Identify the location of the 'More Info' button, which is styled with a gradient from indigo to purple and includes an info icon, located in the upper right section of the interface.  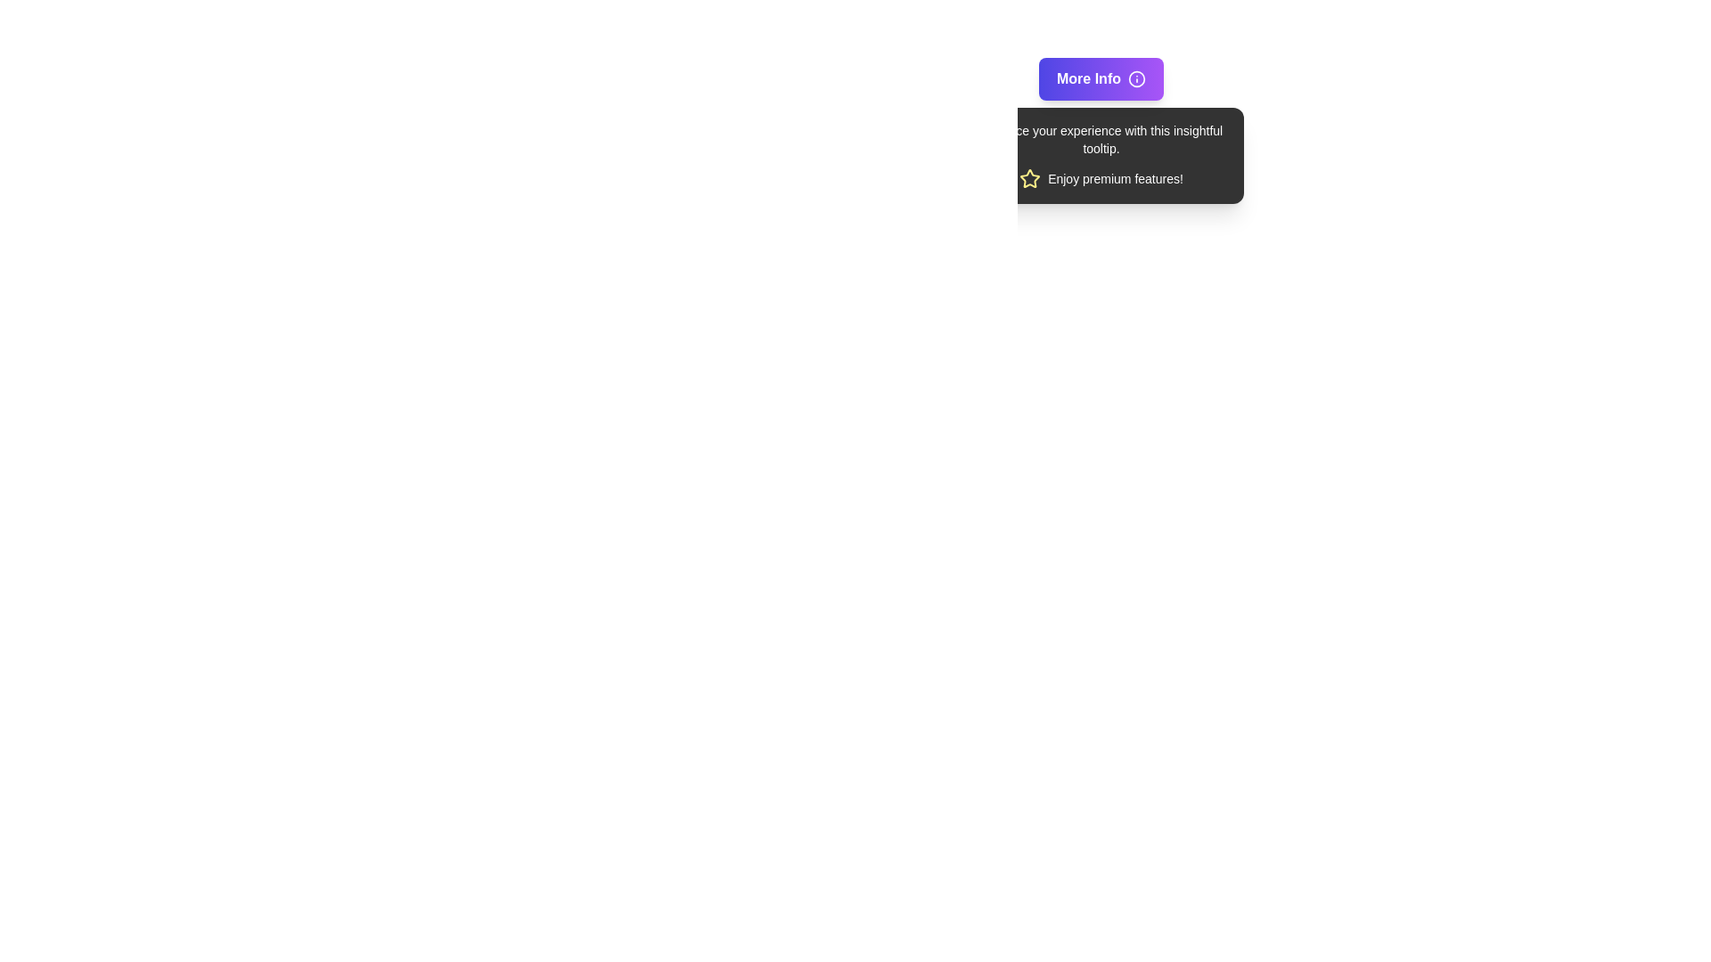
(1101, 77).